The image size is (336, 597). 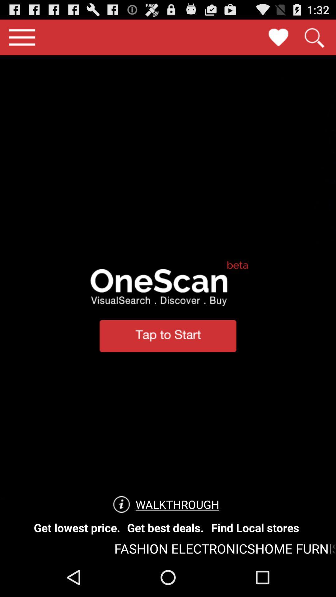 What do you see at coordinates (278, 37) in the screenshot?
I see `like` at bounding box center [278, 37].